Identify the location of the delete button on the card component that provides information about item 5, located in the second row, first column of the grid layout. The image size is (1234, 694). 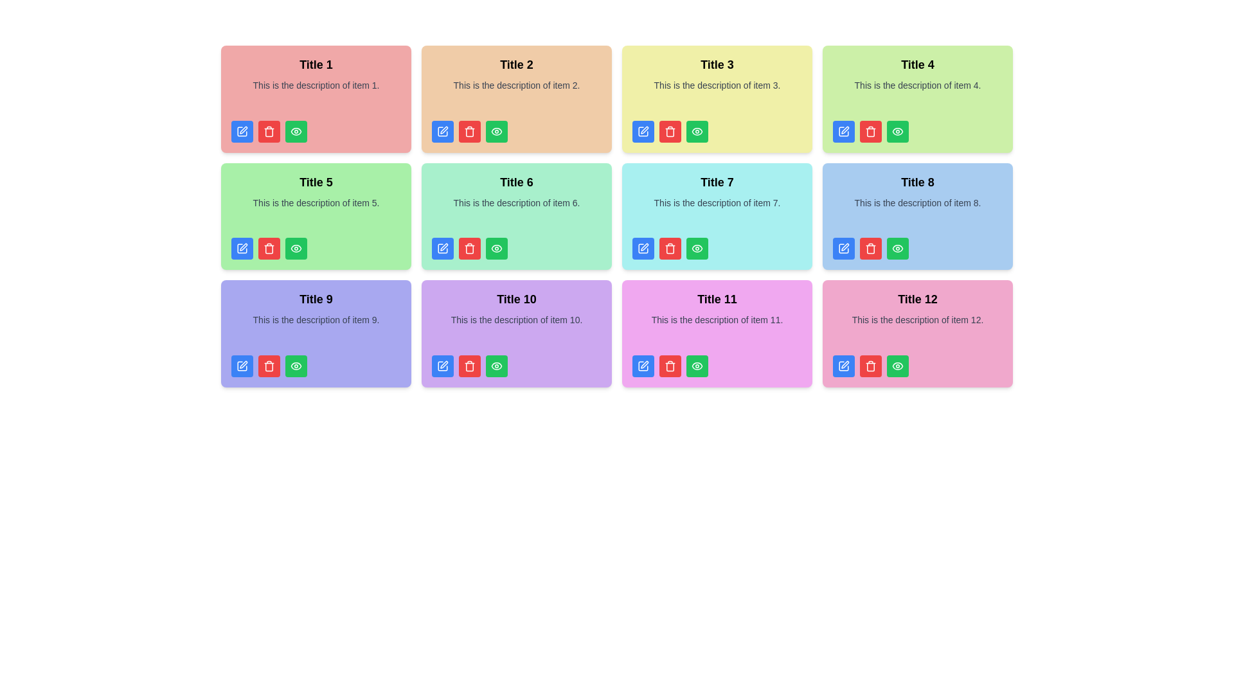
(316, 215).